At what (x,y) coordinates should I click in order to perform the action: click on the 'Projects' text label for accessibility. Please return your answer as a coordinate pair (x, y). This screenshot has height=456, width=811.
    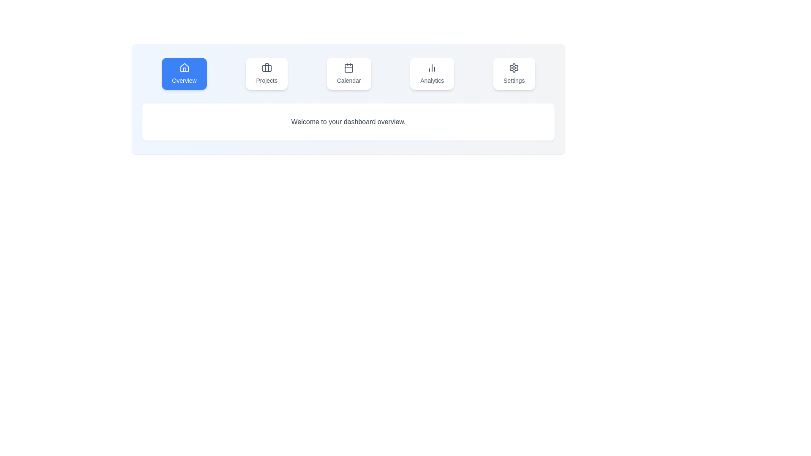
    Looking at the image, I should click on (266, 81).